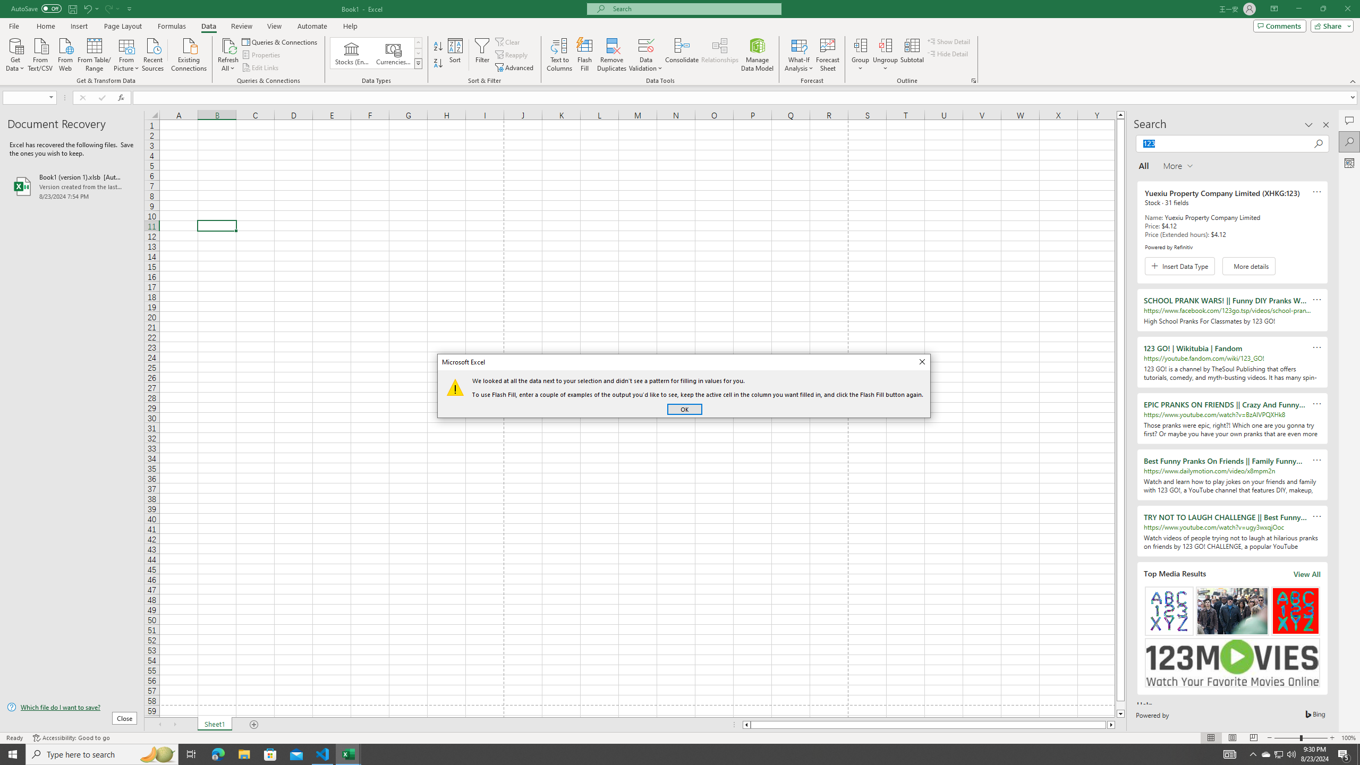  I want to click on 'Sort A to Z', so click(438, 46).